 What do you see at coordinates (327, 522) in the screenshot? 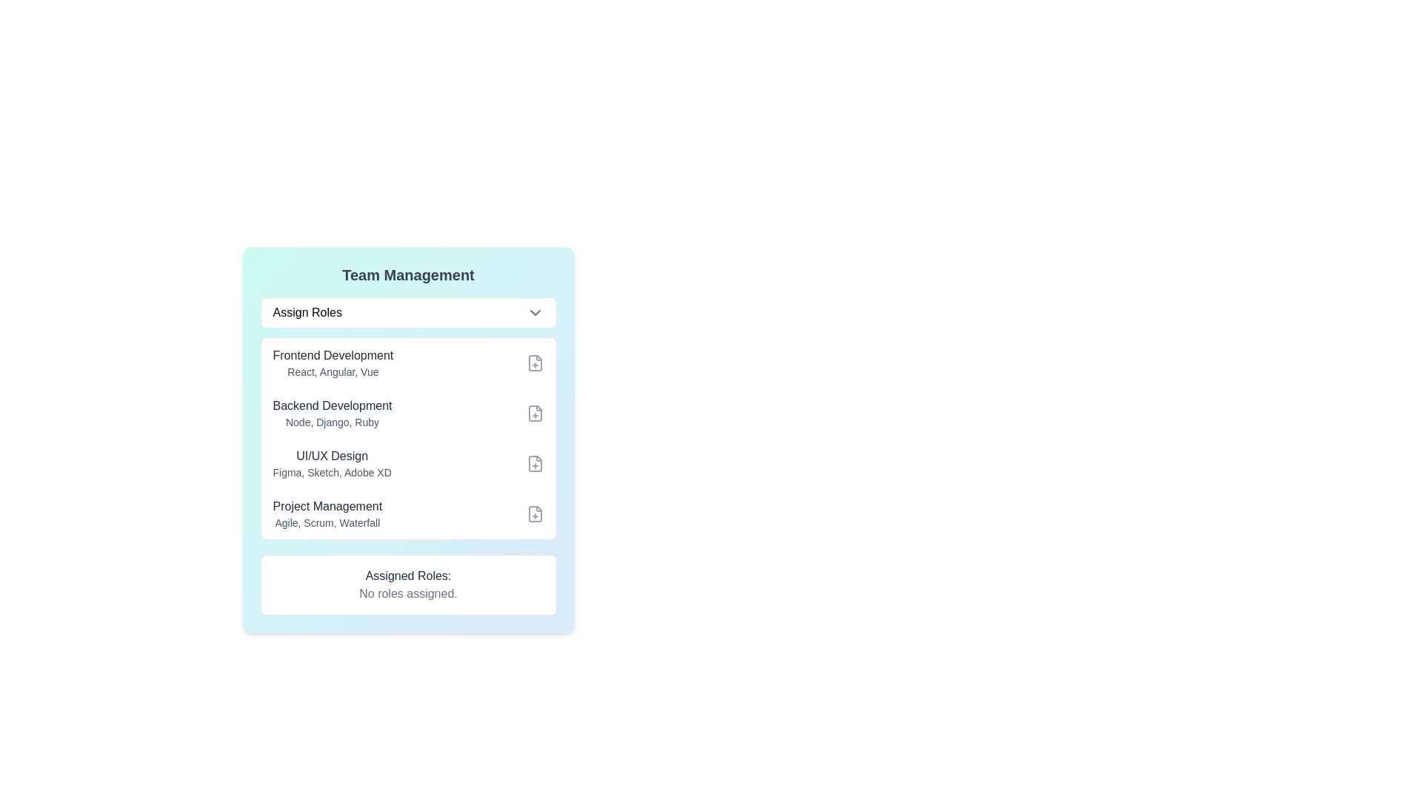
I see `the static text element that provides a brief description or categorization of methodologies associated with the 'Project Management' section, located below the 'Project Management' heading` at bounding box center [327, 522].